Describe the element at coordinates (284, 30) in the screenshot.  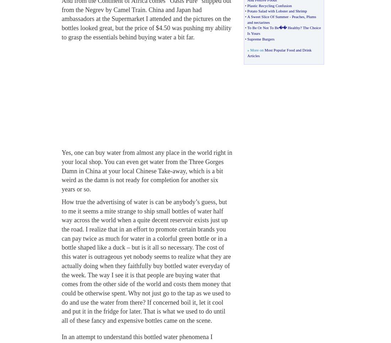
I see `'The Choice Is Yours'` at that location.